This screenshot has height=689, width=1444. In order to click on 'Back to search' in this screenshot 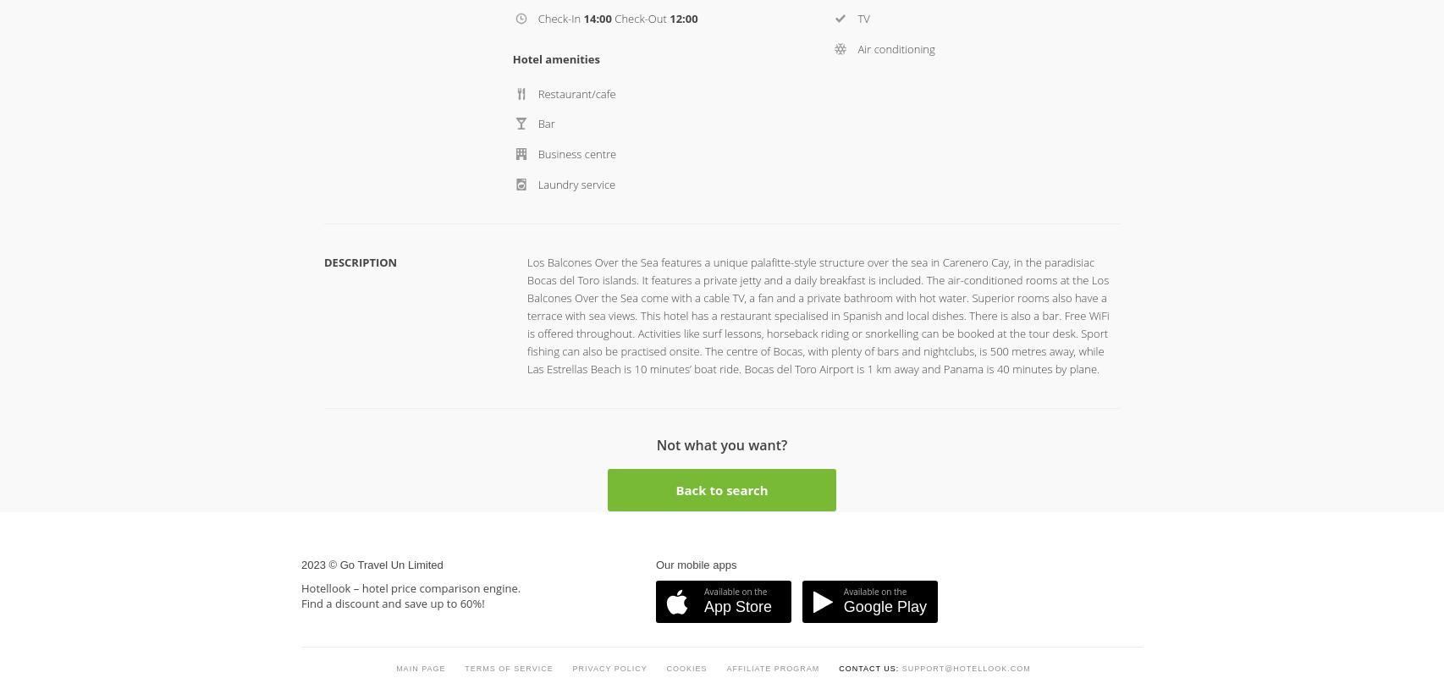, I will do `click(720, 141)`.